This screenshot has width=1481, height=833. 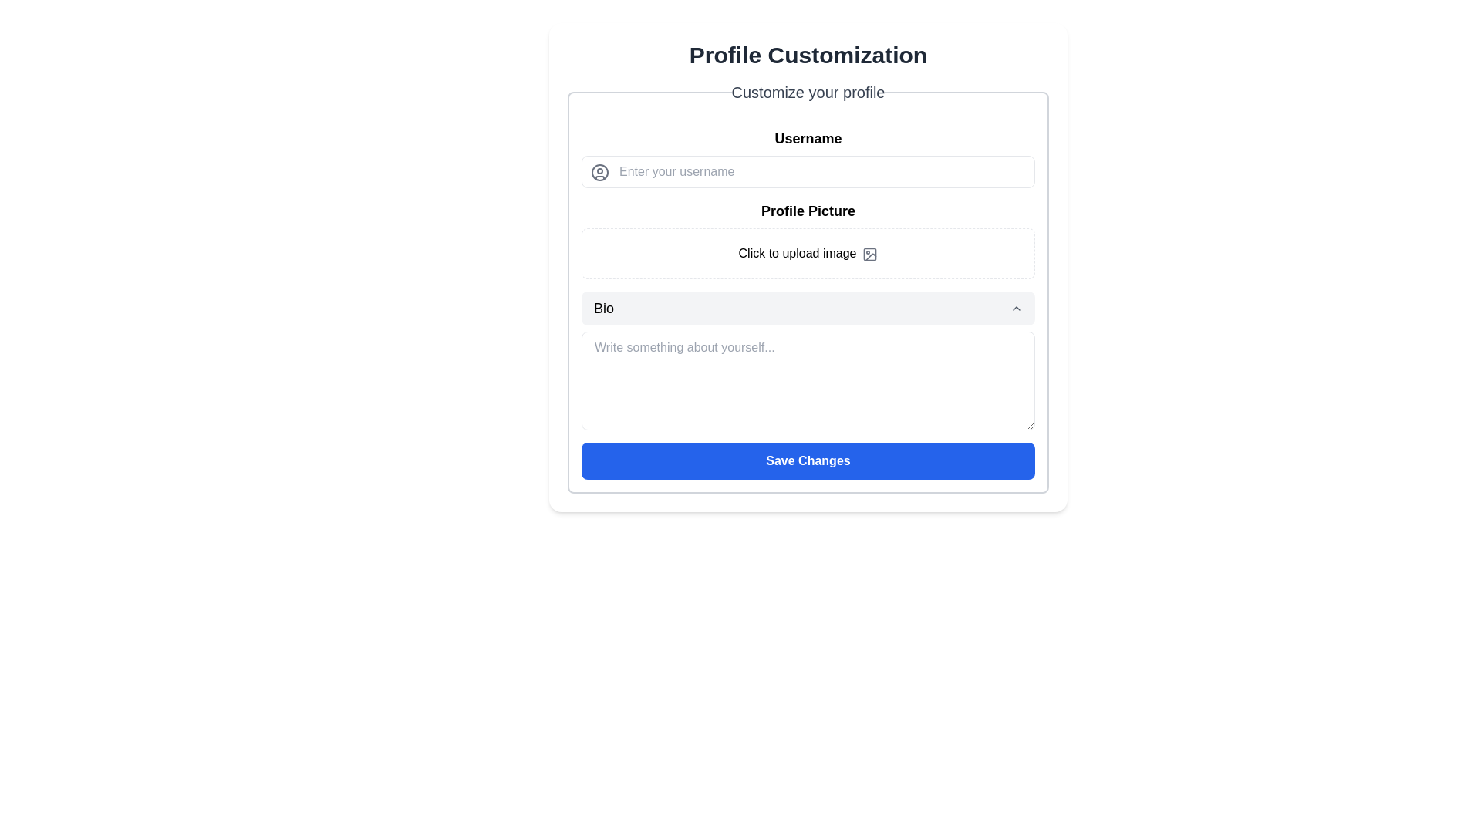 What do you see at coordinates (599, 172) in the screenshot?
I see `the SVG Circle Element that visually represents the outermost circle of the 'Username' field, which is located to the left of the text input` at bounding box center [599, 172].